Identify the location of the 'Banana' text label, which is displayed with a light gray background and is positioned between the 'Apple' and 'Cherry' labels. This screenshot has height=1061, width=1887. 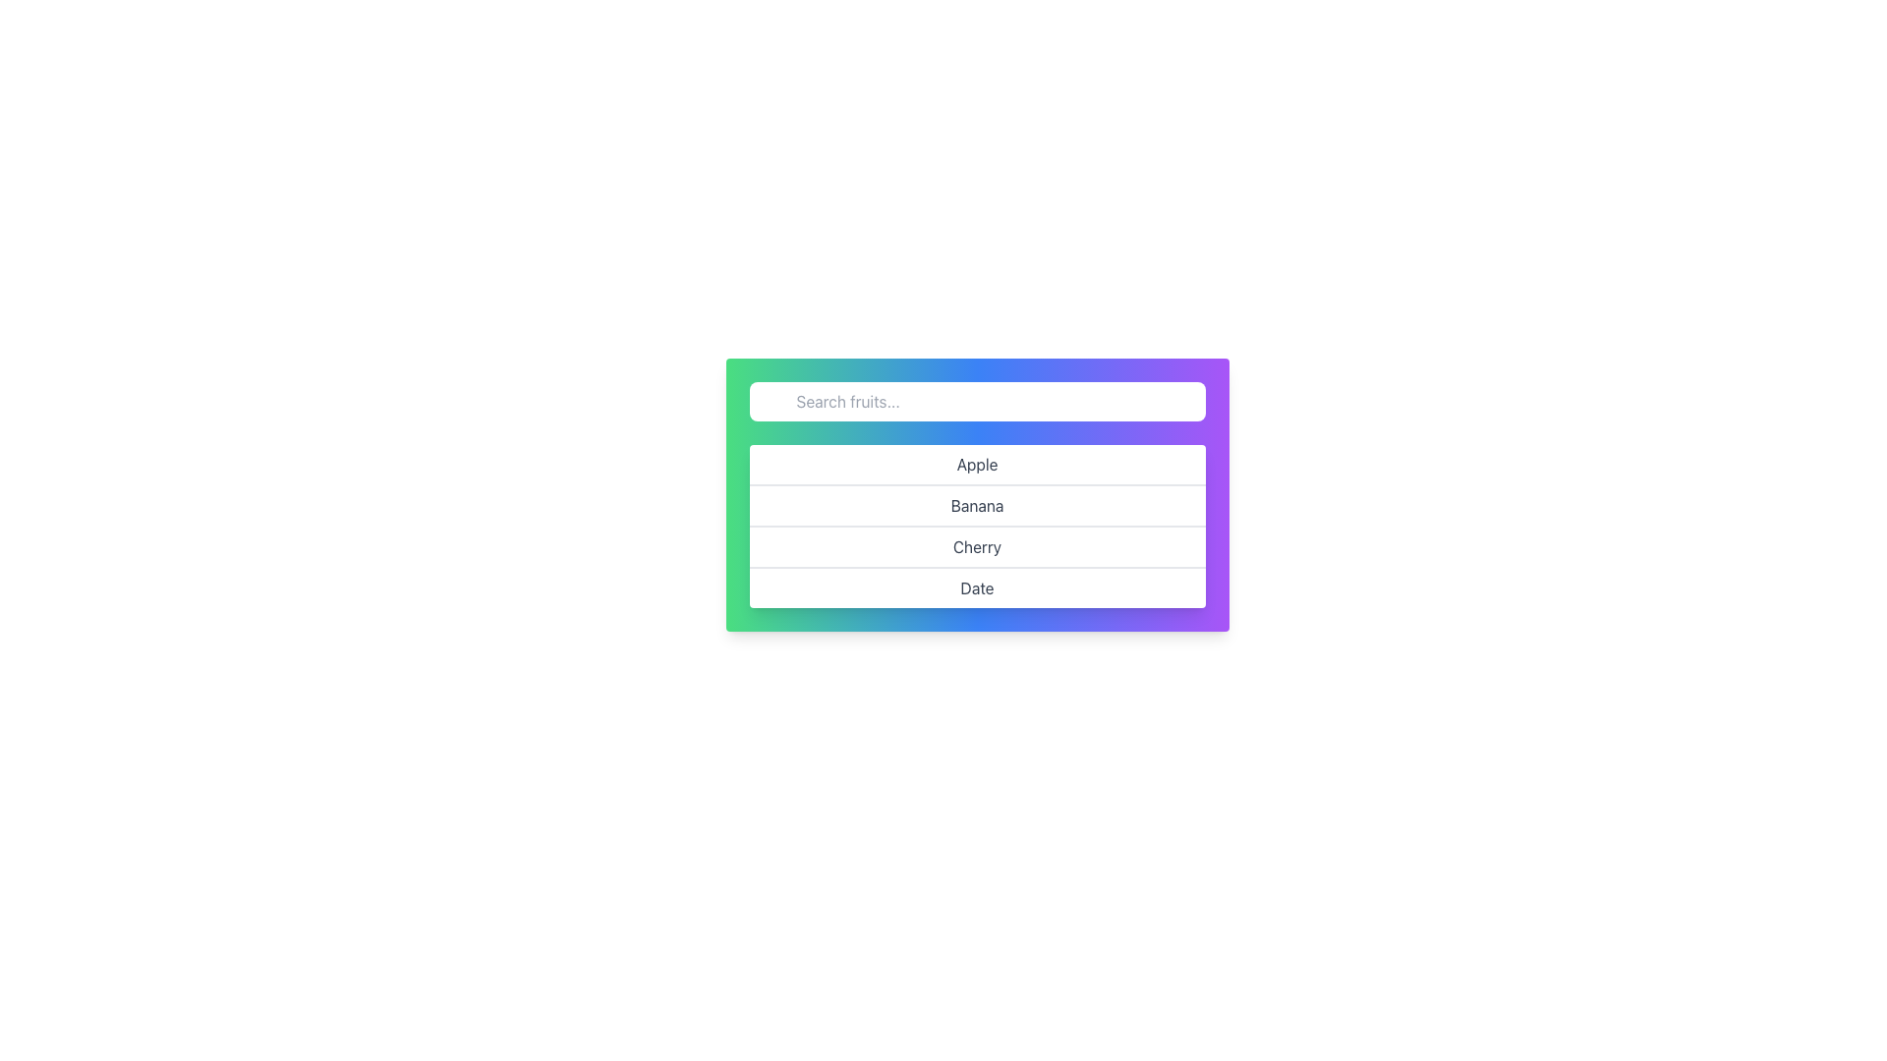
(977, 494).